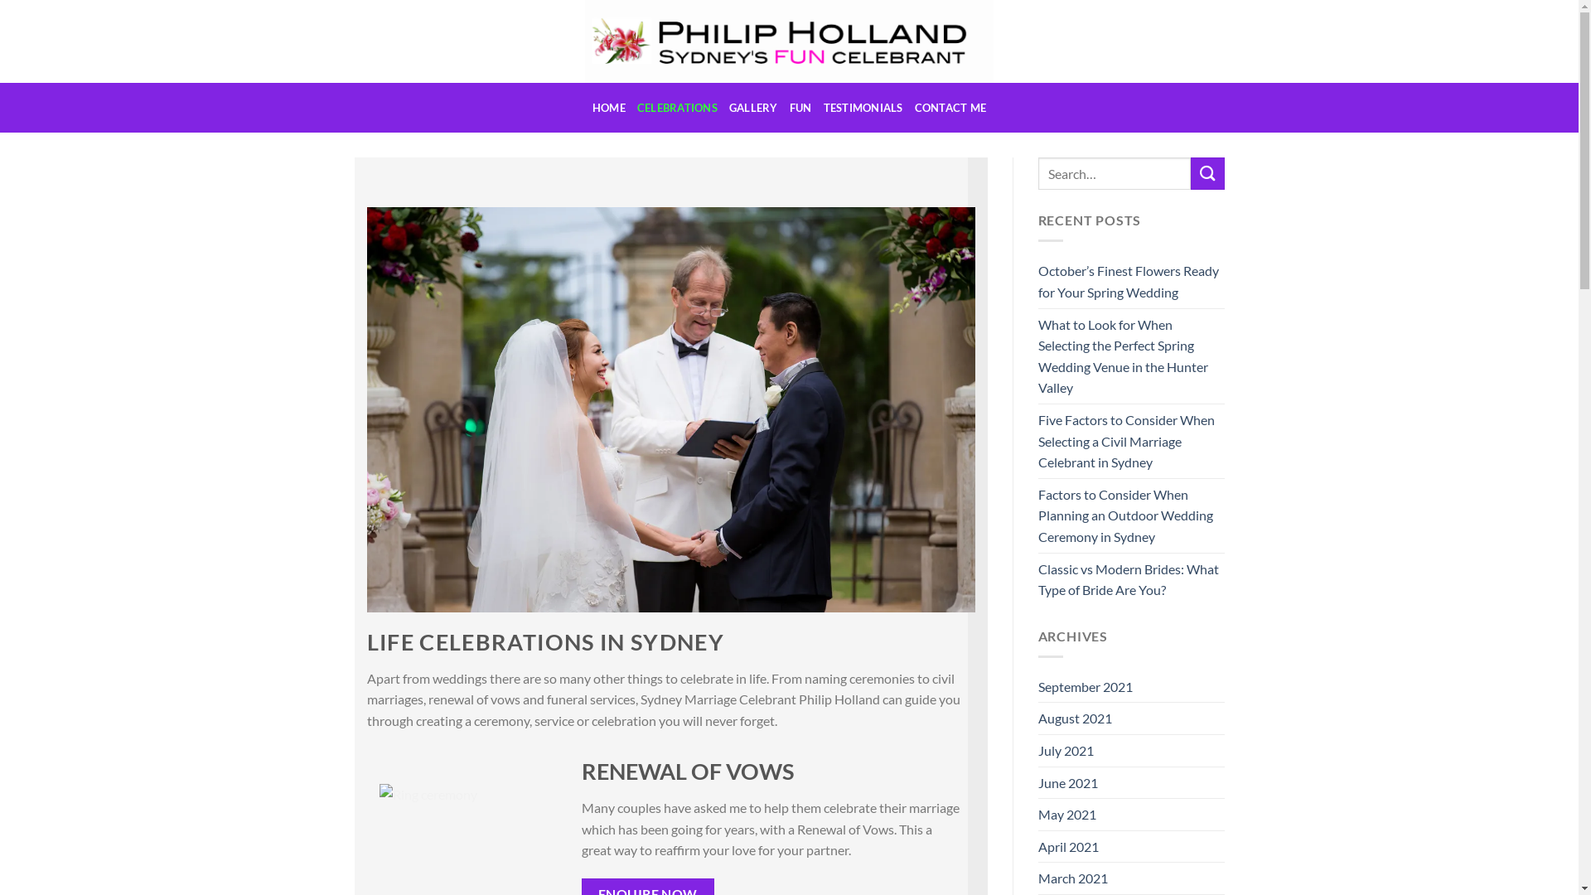 This screenshot has height=895, width=1591. What do you see at coordinates (728, 108) in the screenshot?
I see `'GALLERY'` at bounding box center [728, 108].